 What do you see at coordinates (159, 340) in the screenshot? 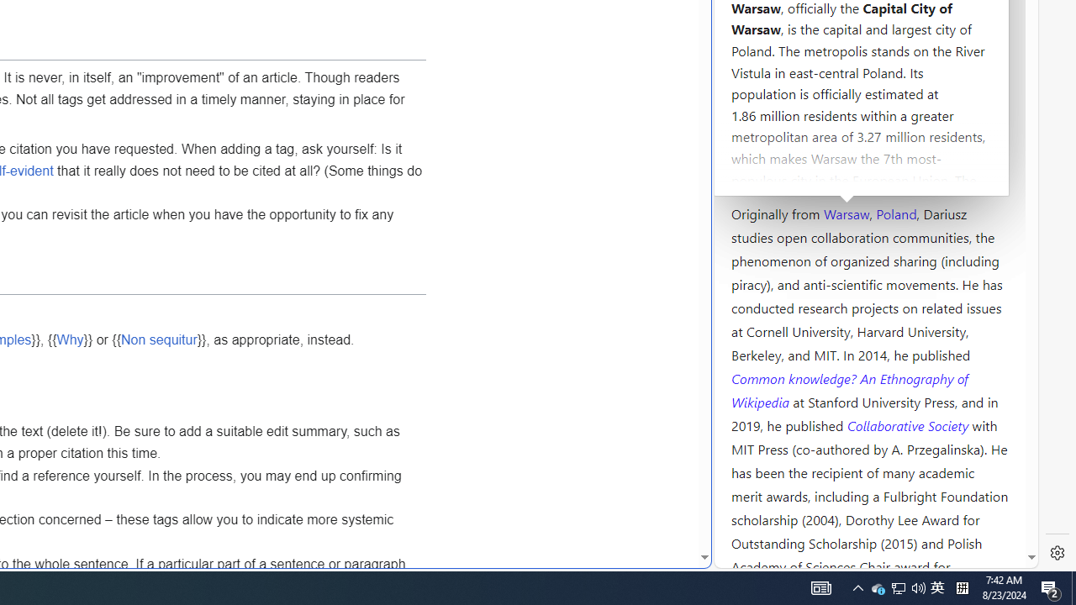
I see `'Non sequitur'` at bounding box center [159, 340].